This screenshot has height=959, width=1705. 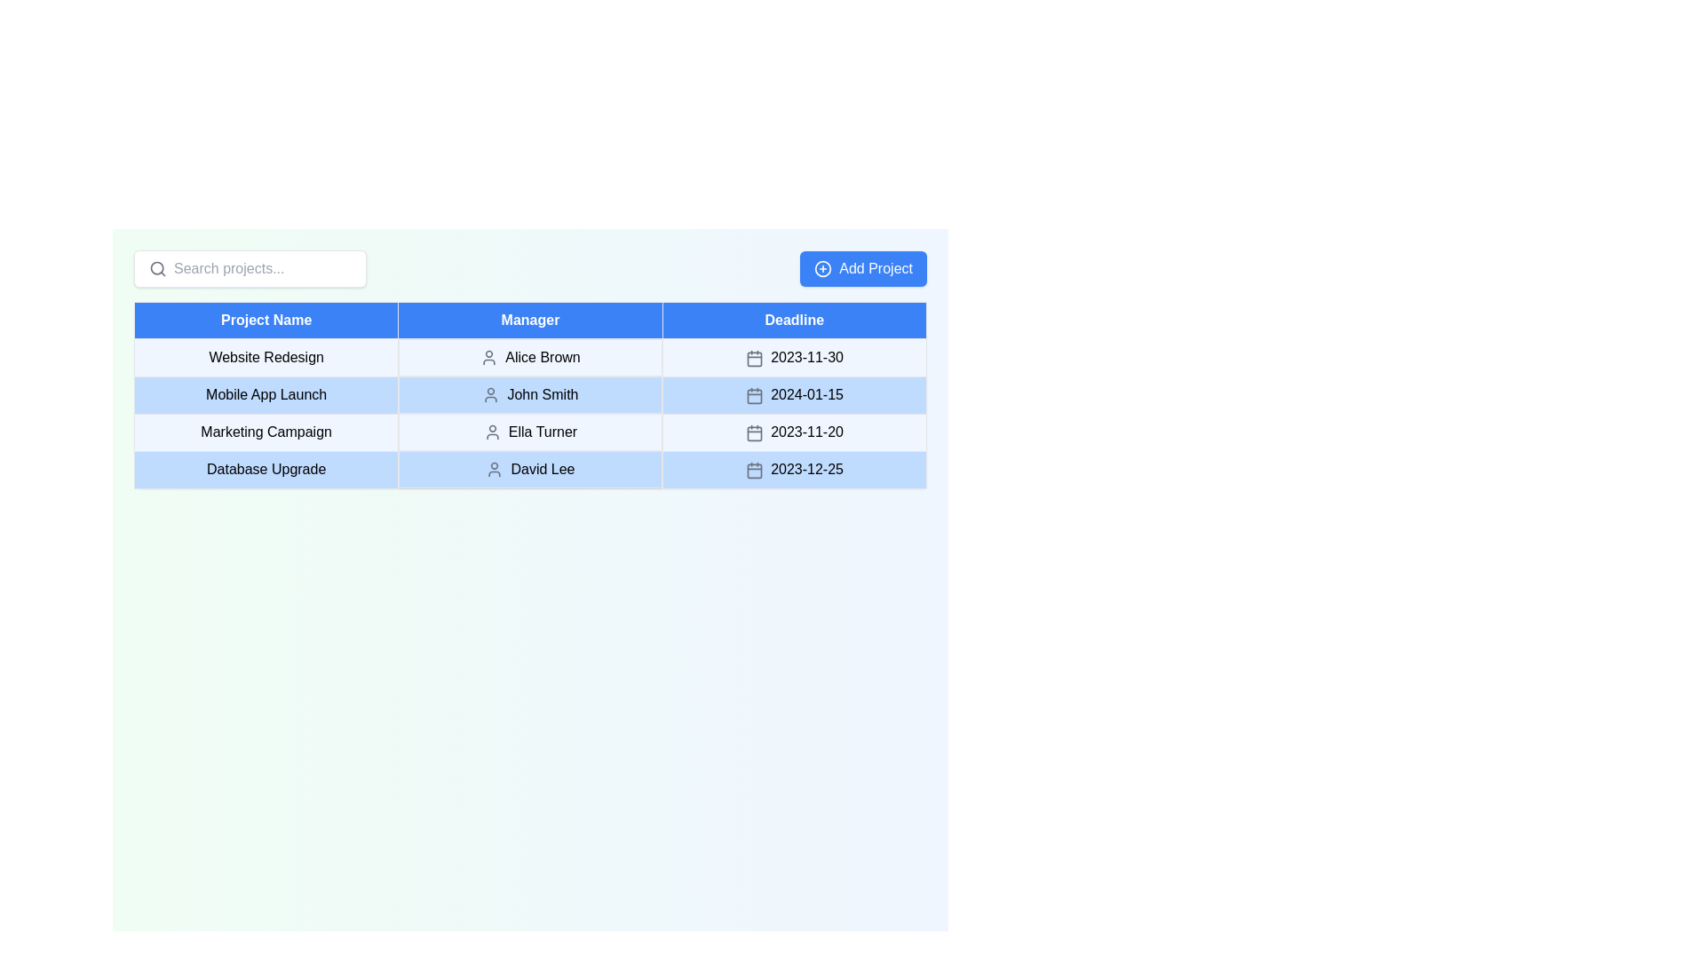 I want to click on the date text '2023-11-20' in the table under the 'Deadline' column, which is styled with a border and padding and accompanied by an inline calendar icon, so click(x=793, y=432).